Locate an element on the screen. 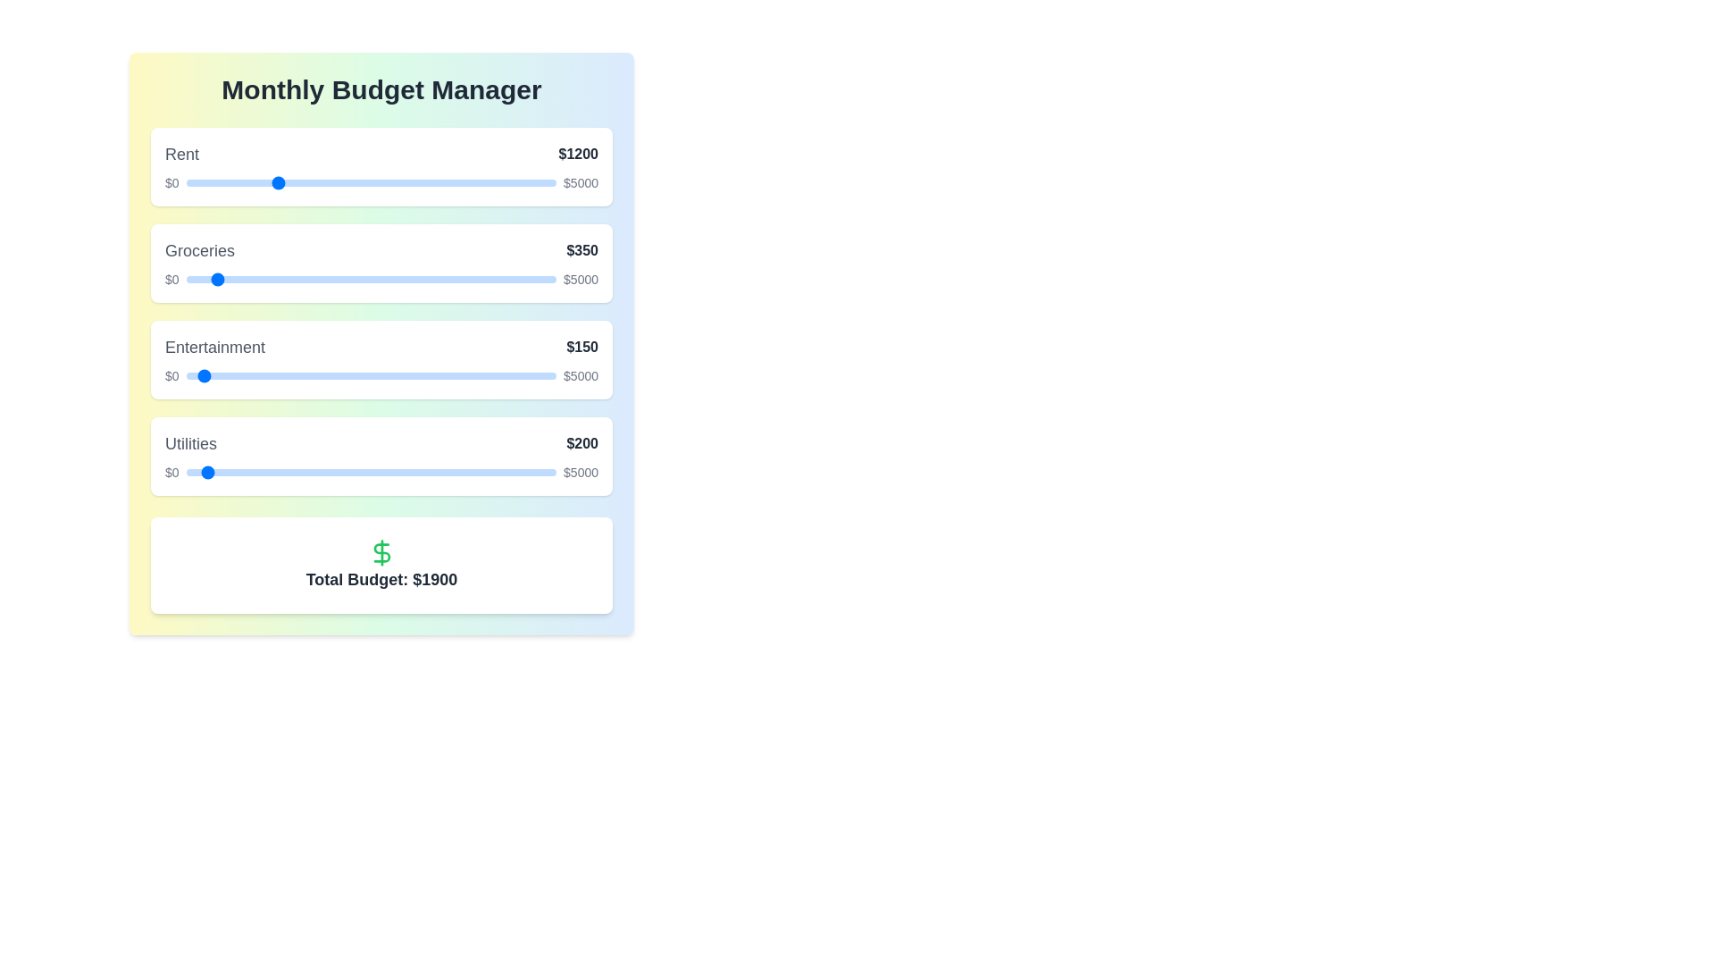 This screenshot has height=965, width=1715. the 'Utilities' slider is located at coordinates (217, 471).